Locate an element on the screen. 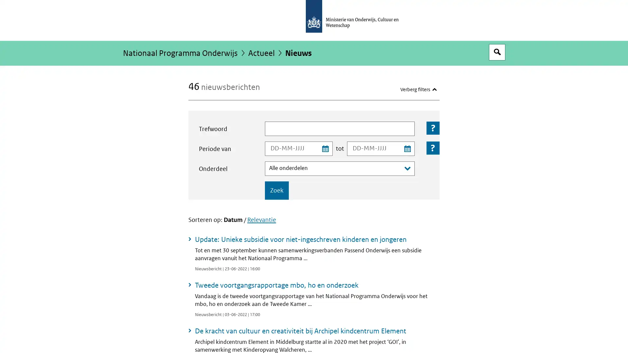 The width and height of the screenshot is (628, 353). Open zoekveld is located at coordinates (497, 52).